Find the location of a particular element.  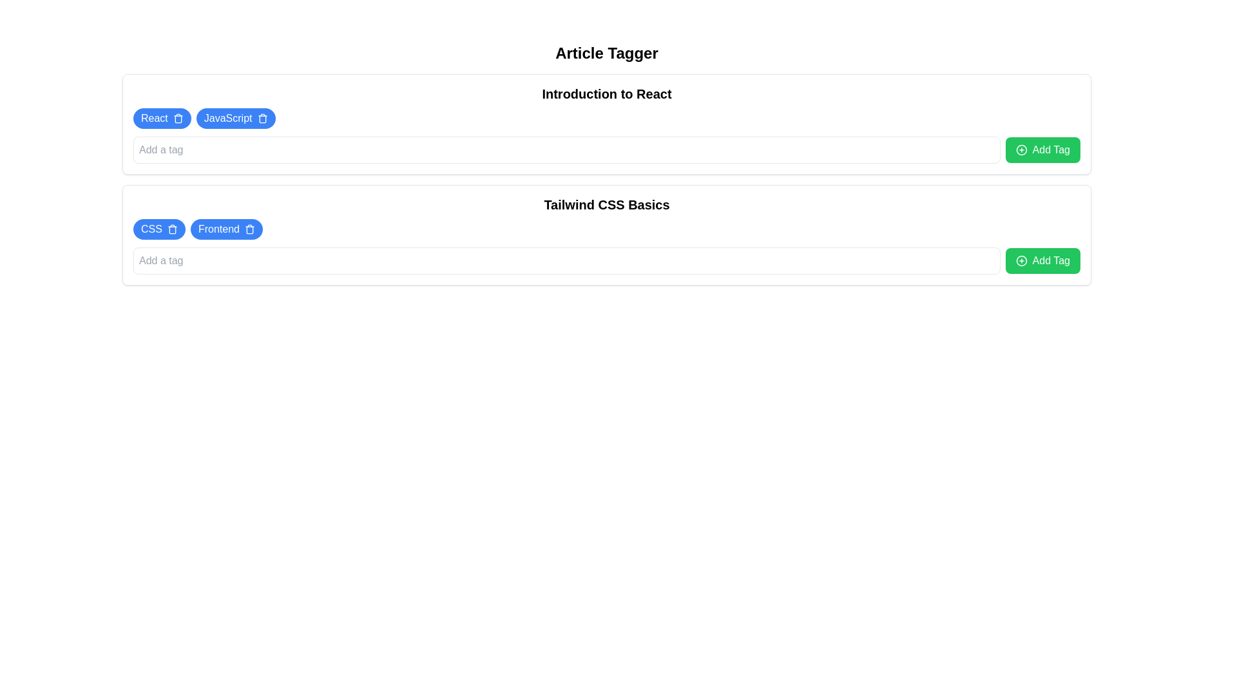

the circled plus icon located within the green 'Add Tag' button, positioned to the left side of the text in the second section of the interface is located at coordinates (1021, 149).